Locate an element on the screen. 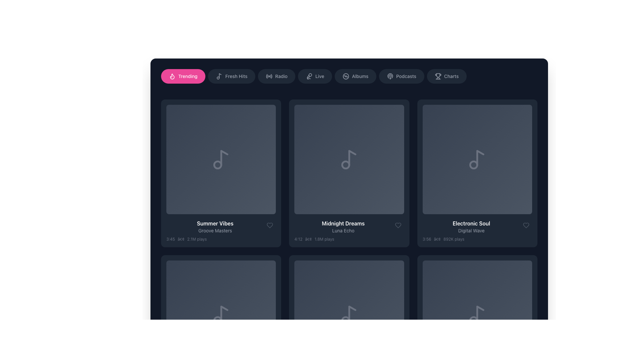 This screenshot has height=357, width=635. text label 'Groove Masters' which is styled in a small, light gray font and positioned beneath the 'Summer Vibes' text label in the bottom-left quadrant of the interface is located at coordinates (215, 230).